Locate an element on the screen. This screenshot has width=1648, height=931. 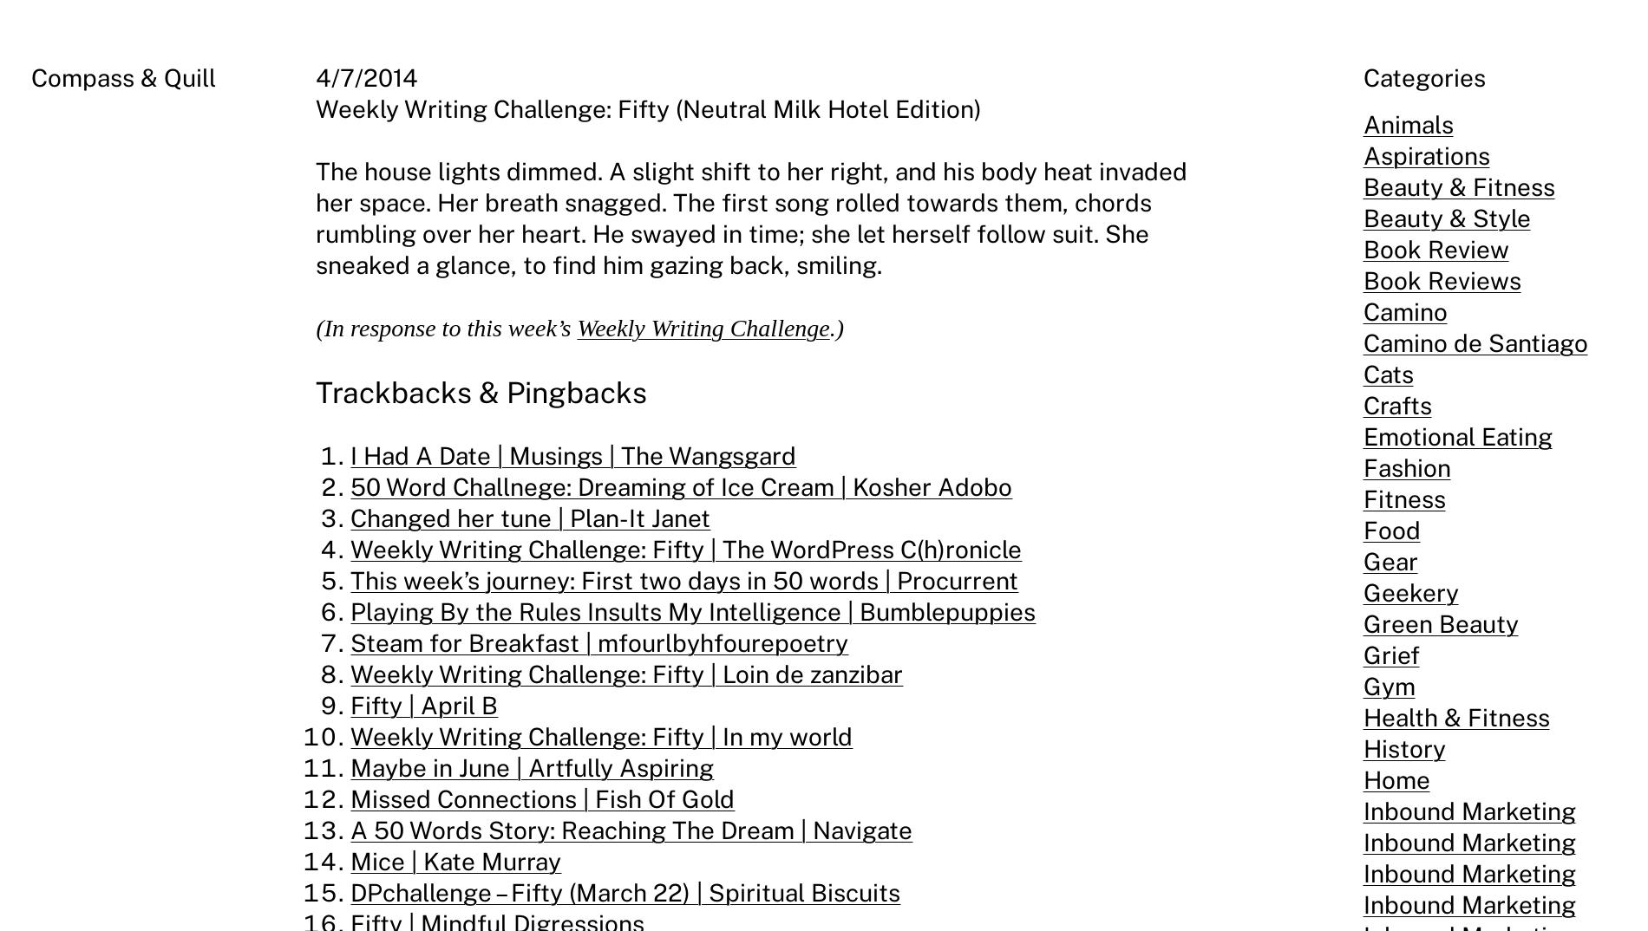
'DPchallenge – Fifty (March 22) | Spiritual Biscuits' is located at coordinates (625, 892).